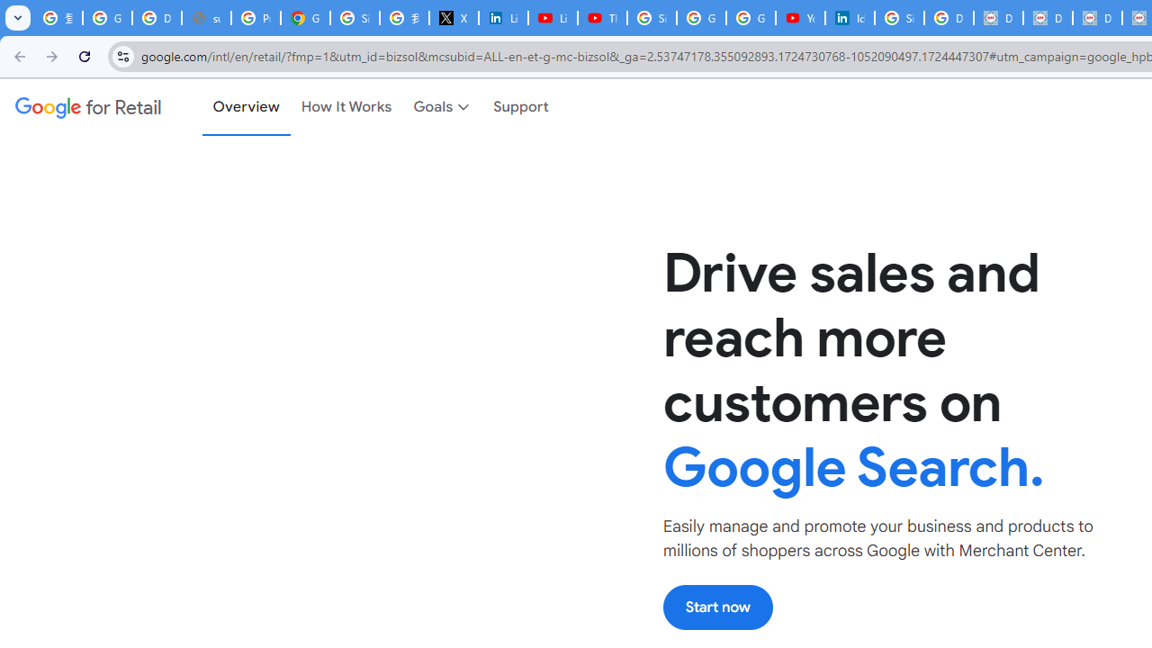 Image resolution: width=1152 pixels, height=648 pixels. What do you see at coordinates (255, 18) in the screenshot?
I see `'Privacy Help Center - Policies Help'` at bounding box center [255, 18].